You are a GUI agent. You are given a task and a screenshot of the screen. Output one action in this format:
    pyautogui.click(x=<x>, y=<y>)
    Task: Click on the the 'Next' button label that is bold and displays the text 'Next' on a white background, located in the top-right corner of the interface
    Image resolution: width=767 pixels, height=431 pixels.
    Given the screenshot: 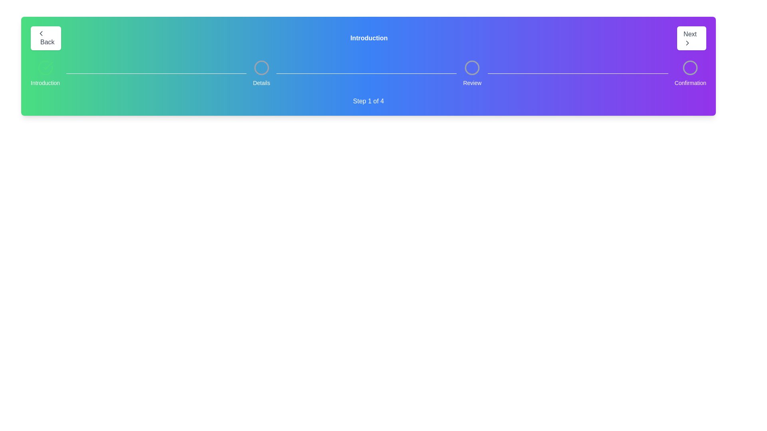 What is the action you would take?
    pyautogui.click(x=690, y=34)
    